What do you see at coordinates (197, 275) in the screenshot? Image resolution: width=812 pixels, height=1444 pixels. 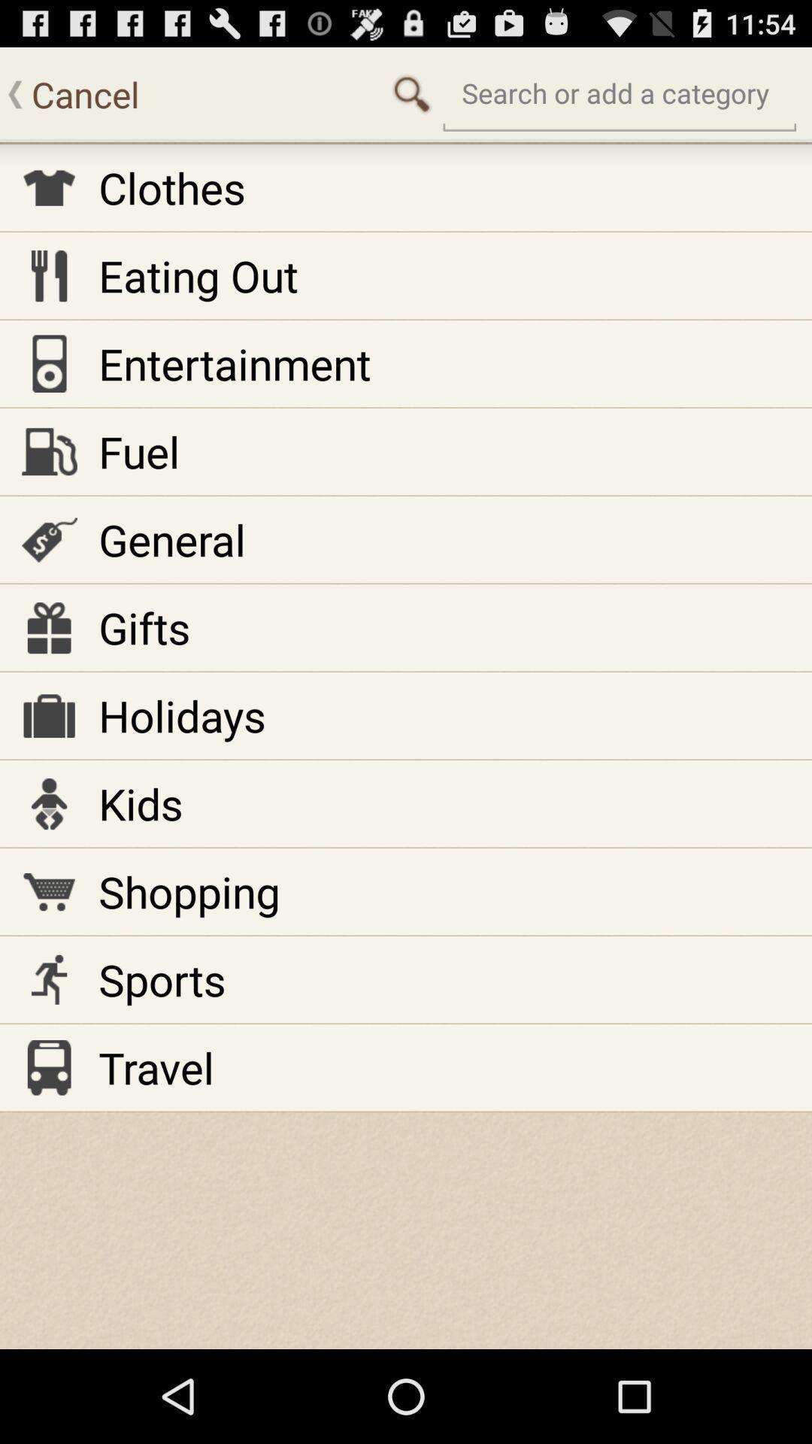 I see `eating out app` at bounding box center [197, 275].